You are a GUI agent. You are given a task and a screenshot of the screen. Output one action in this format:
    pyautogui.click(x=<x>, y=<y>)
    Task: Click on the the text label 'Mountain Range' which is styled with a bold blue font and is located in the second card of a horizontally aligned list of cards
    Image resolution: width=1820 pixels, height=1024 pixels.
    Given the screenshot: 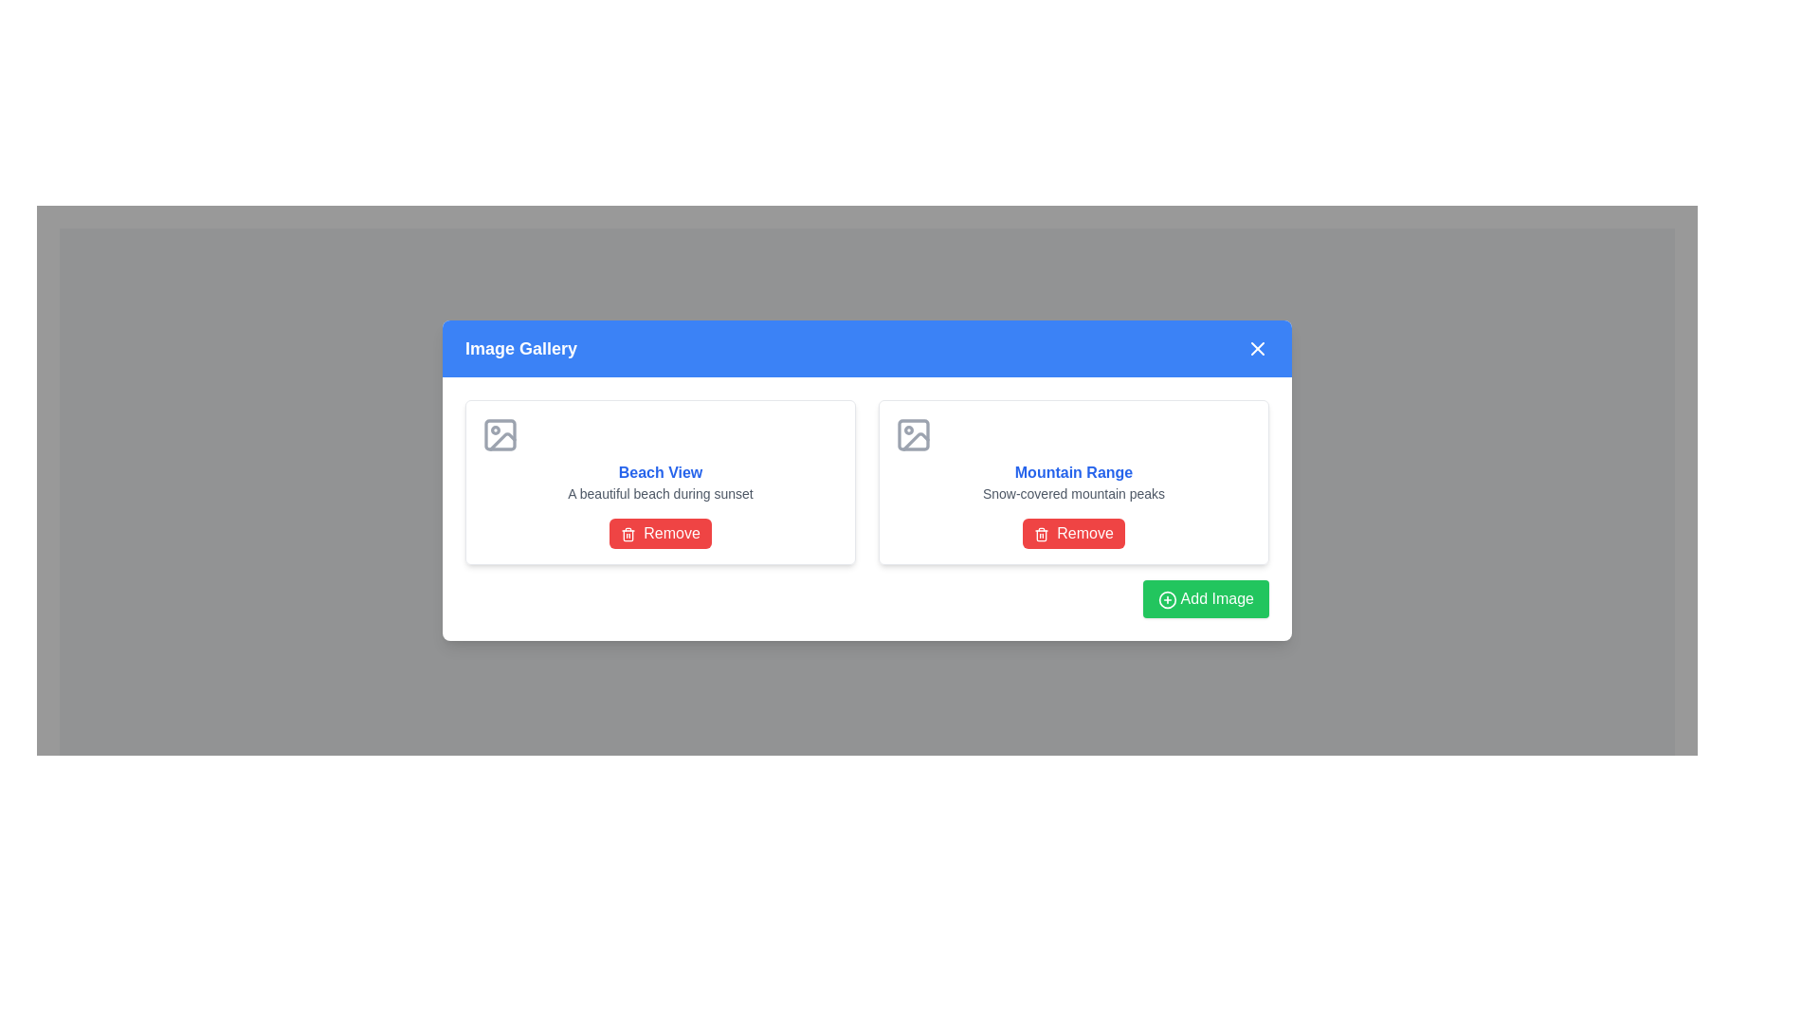 What is the action you would take?
    pyautogui.click(x=1073, y=471)
    